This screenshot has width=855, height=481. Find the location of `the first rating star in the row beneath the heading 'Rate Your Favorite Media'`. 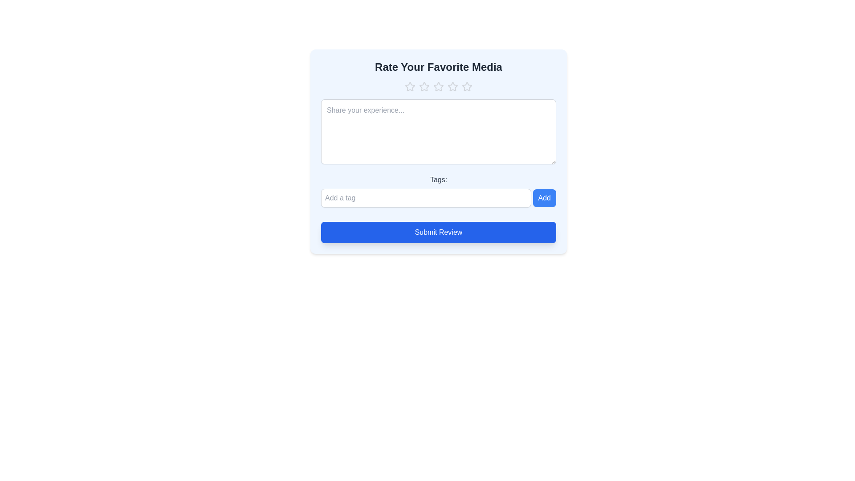

the first rating star in the row beneath the heading 'Rate Your Favorite Media' is located at coordinates (410, 86).